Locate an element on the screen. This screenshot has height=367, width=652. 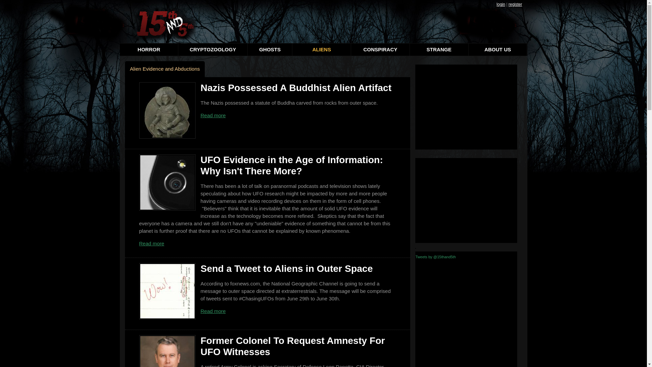
'Tweets by @15thand5th' is located at coordinates (415, 257).